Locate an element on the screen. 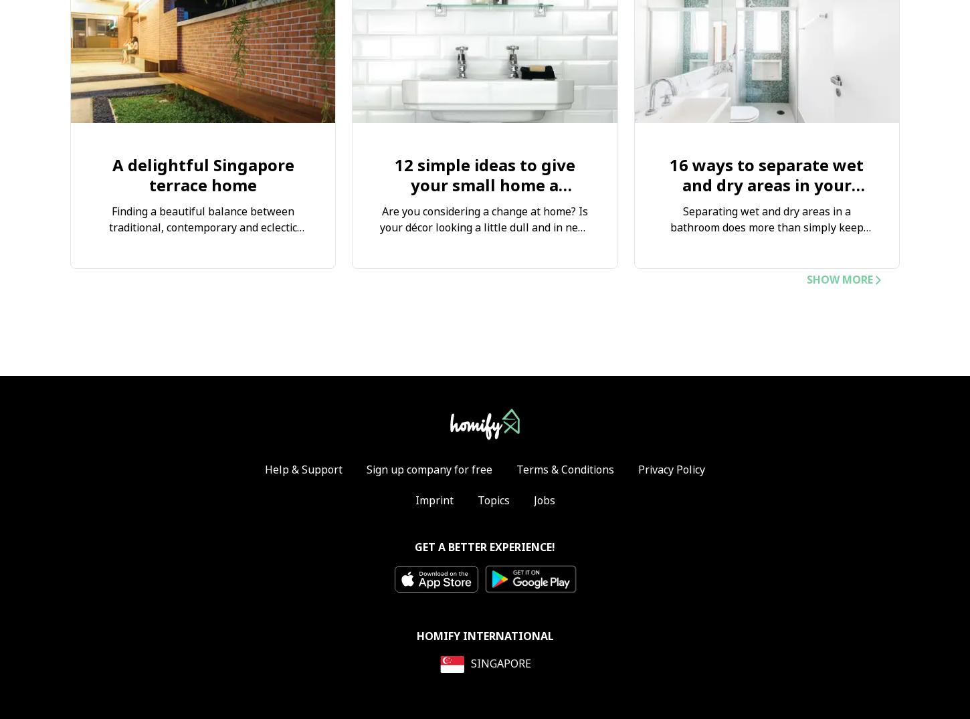 This screenshot has height=719, width=970. '16 ways to separate wet and dry areas in your bathroom' is located at coordinates (765, 185).